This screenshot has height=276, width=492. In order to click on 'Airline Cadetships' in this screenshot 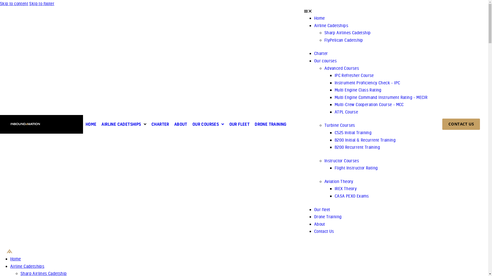, I will do `click(27, 266)`.